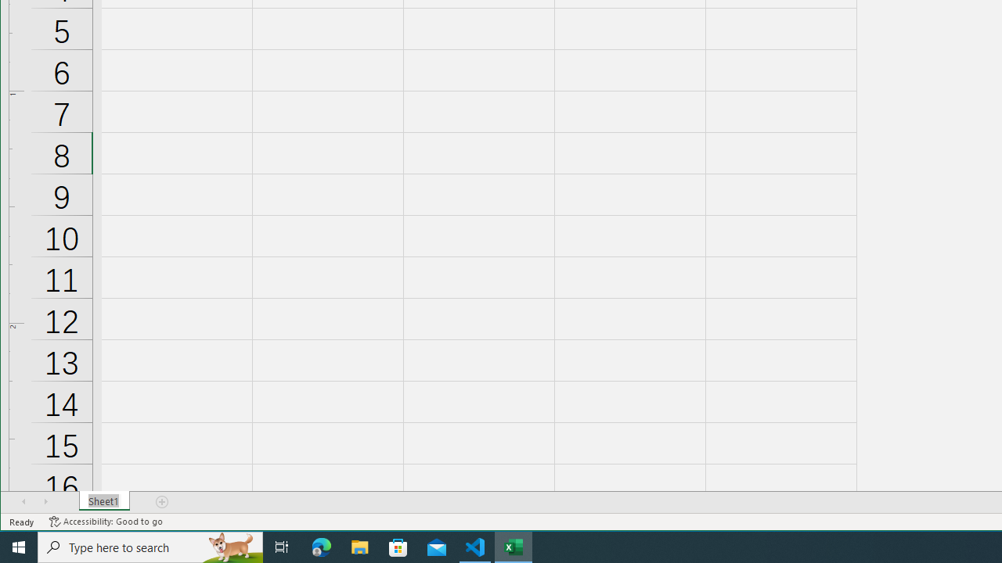 This screenshot has width=1002, height=563. What do you see at coordinates (281, 546) in the screenshot?
I see `'Task View'` at bounding box center [281, 546].